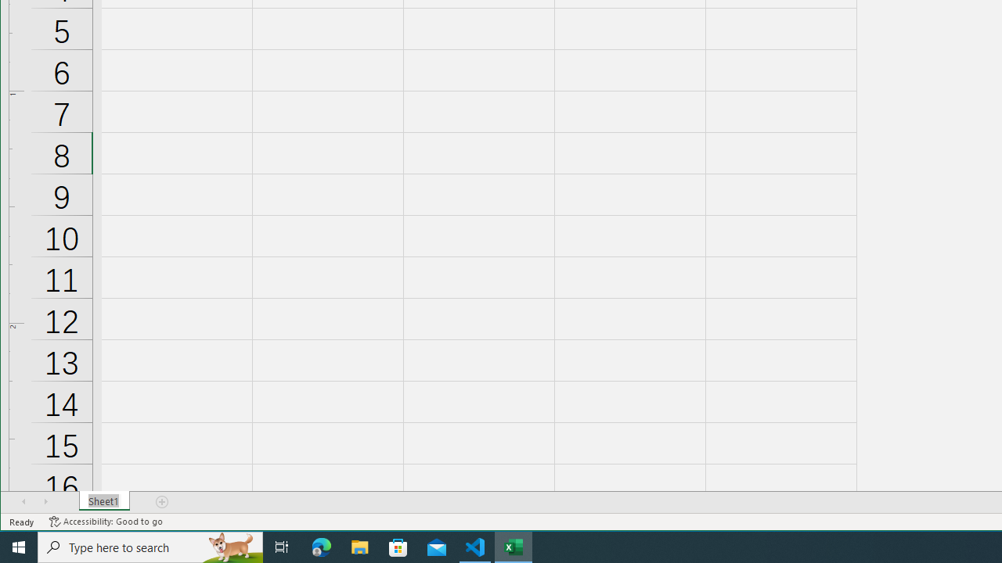 This screenshot has width=1002, height=563. What do you see at coordinates (281, 546) in the screenshot?
I see `'Task View'` at bounding box center [281, 546].